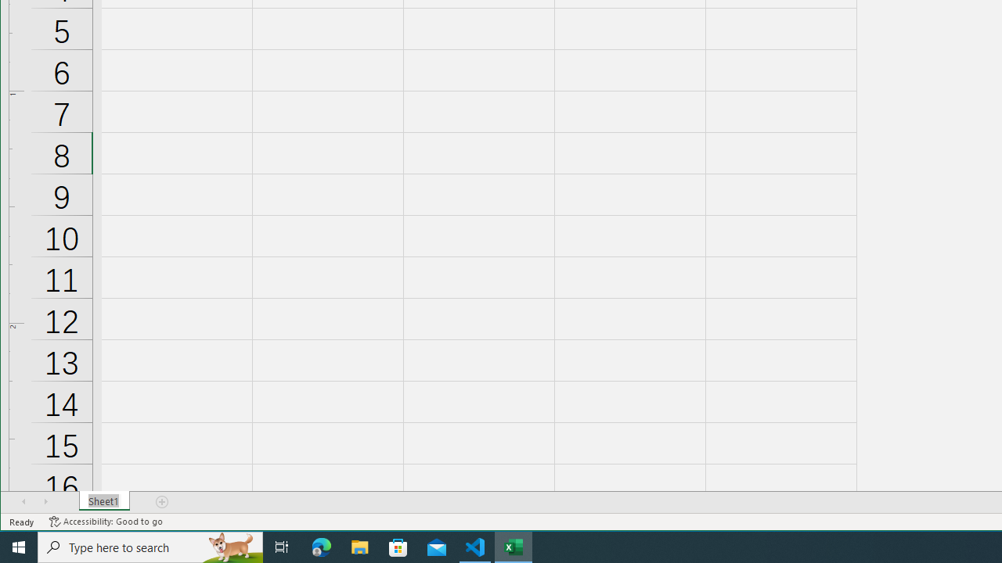 This screenshot has width=1002, height=563. What do you see at coordinates (281, 546) in the screenshot?
I see `'Task View'` at bounding box center [281, 546].